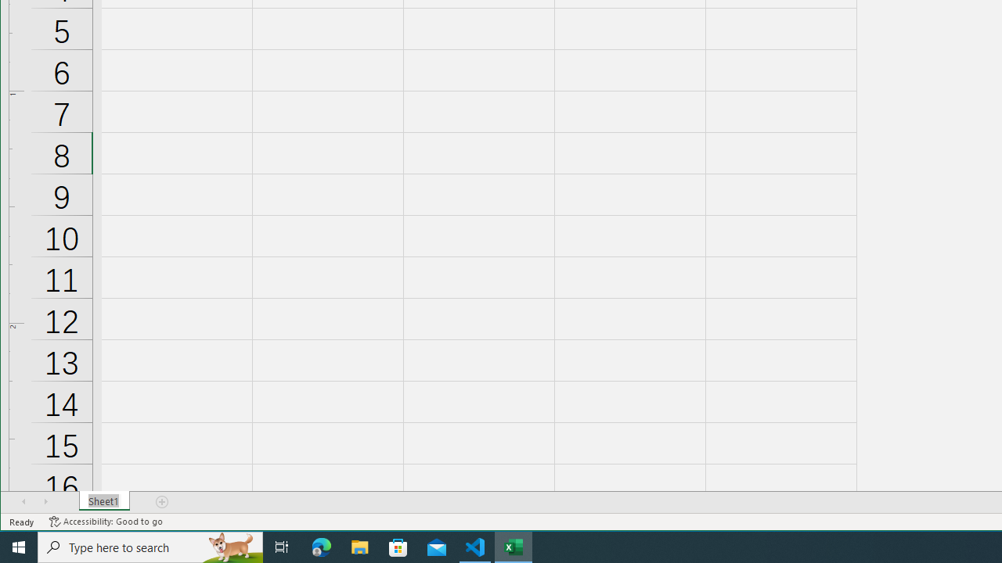 This screenshot has width=1002, height=563. What do you see at coordinates (281, 546) in the screenshot?
I see `'Task View'` at bounding box center [281, 546].